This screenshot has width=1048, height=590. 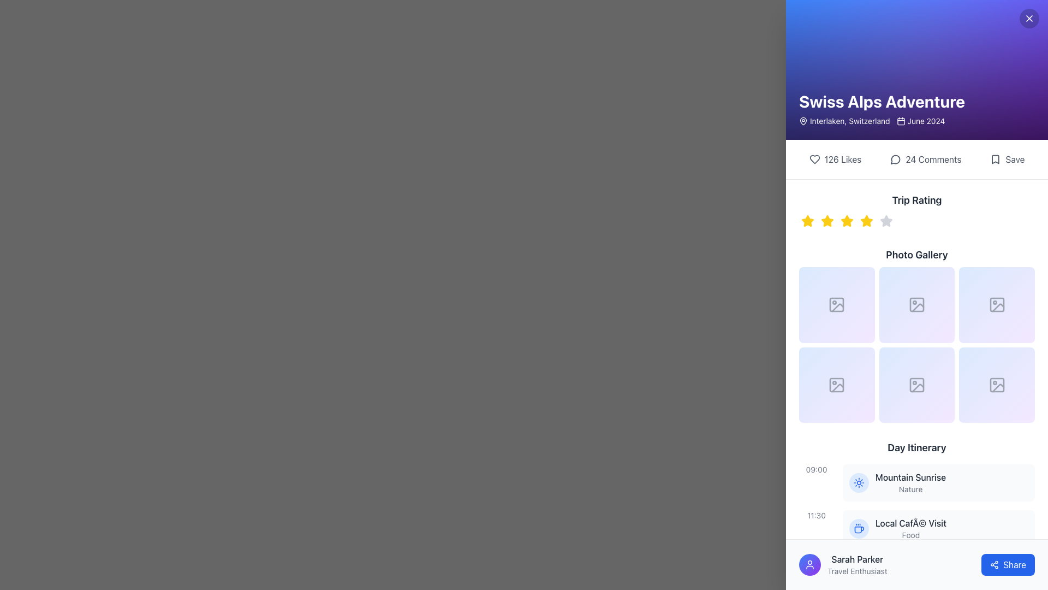 I want to click on the SVG icon resembling a photo or image placeholder in the 'Photo Gallery' section, so click(x=997, y=305).